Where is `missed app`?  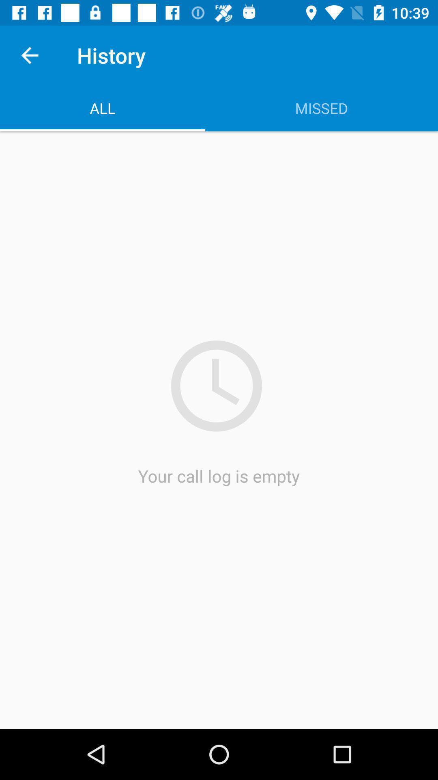
missed app is located at coordinates (321, 108).